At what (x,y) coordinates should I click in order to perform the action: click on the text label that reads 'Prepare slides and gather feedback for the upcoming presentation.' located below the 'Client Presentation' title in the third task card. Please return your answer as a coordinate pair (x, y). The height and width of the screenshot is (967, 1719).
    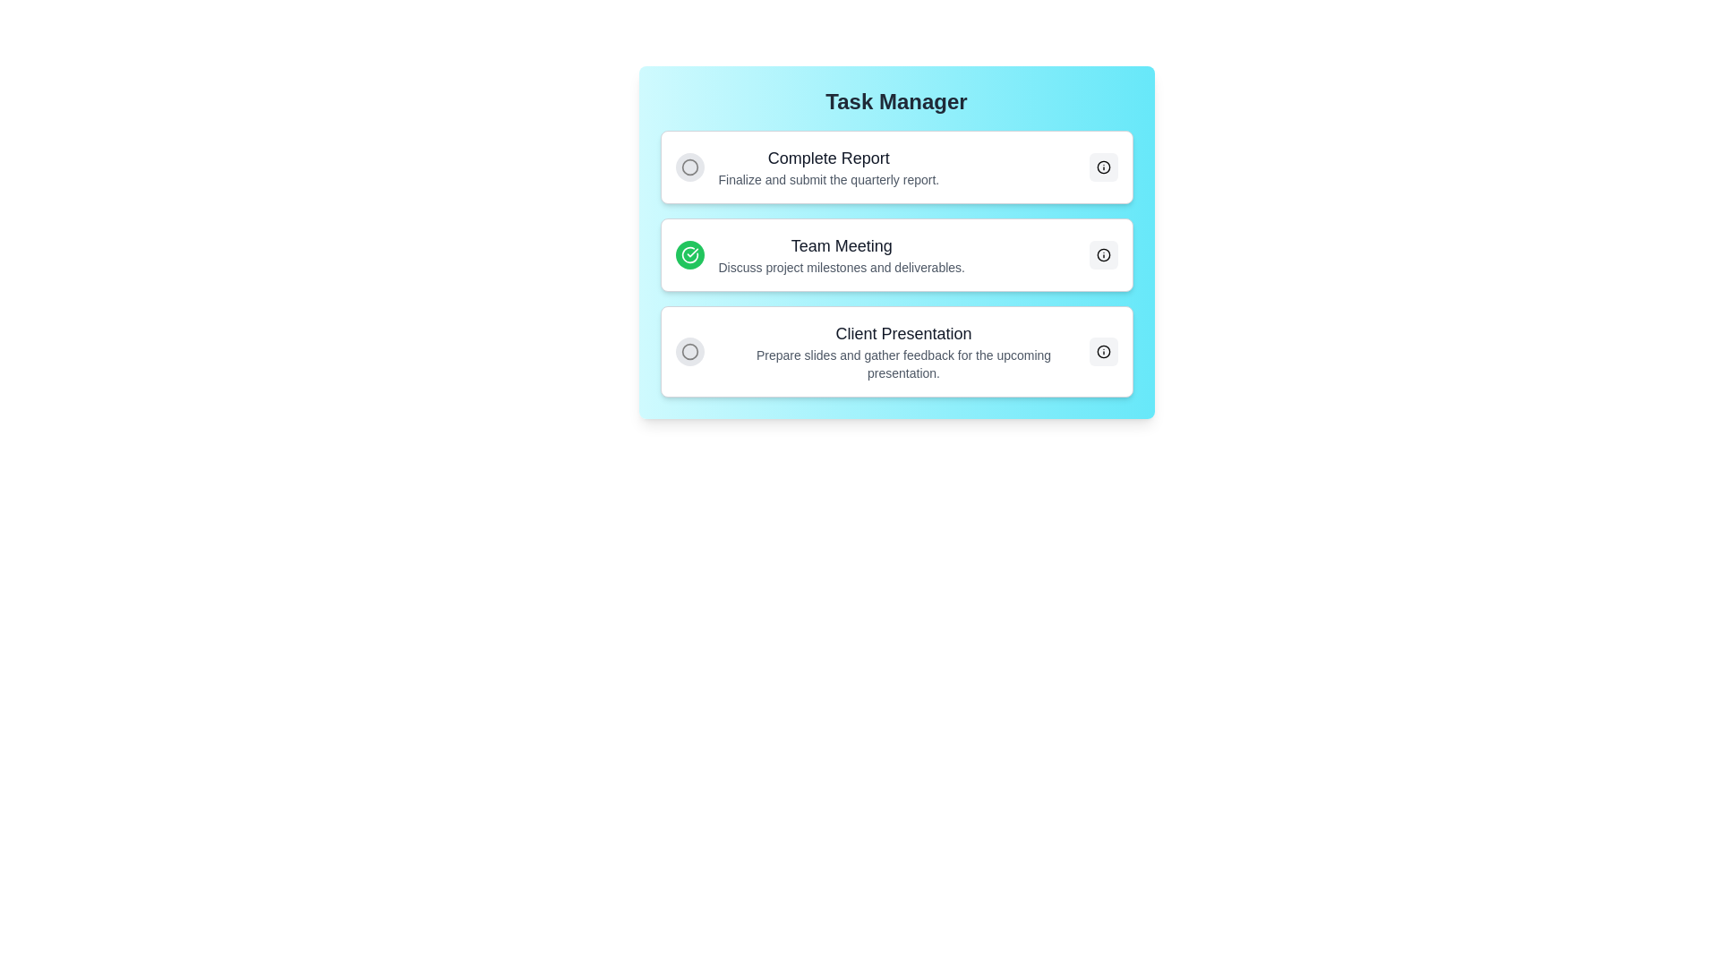
    Looking at the image, I should click on (903, 364).